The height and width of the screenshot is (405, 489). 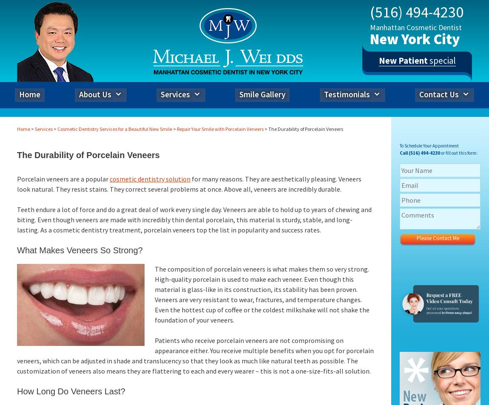 What do you see at coordinates (95, 93) in the screenshot?
I see `'About Us'` at bounding box center [95, 93].